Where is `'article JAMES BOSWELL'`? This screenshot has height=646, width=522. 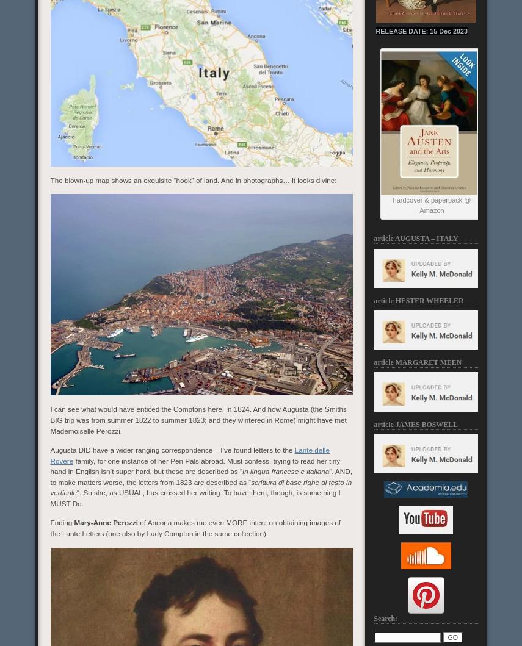 'article JAMES BOSWELL' is located at coordinates (374, 424).